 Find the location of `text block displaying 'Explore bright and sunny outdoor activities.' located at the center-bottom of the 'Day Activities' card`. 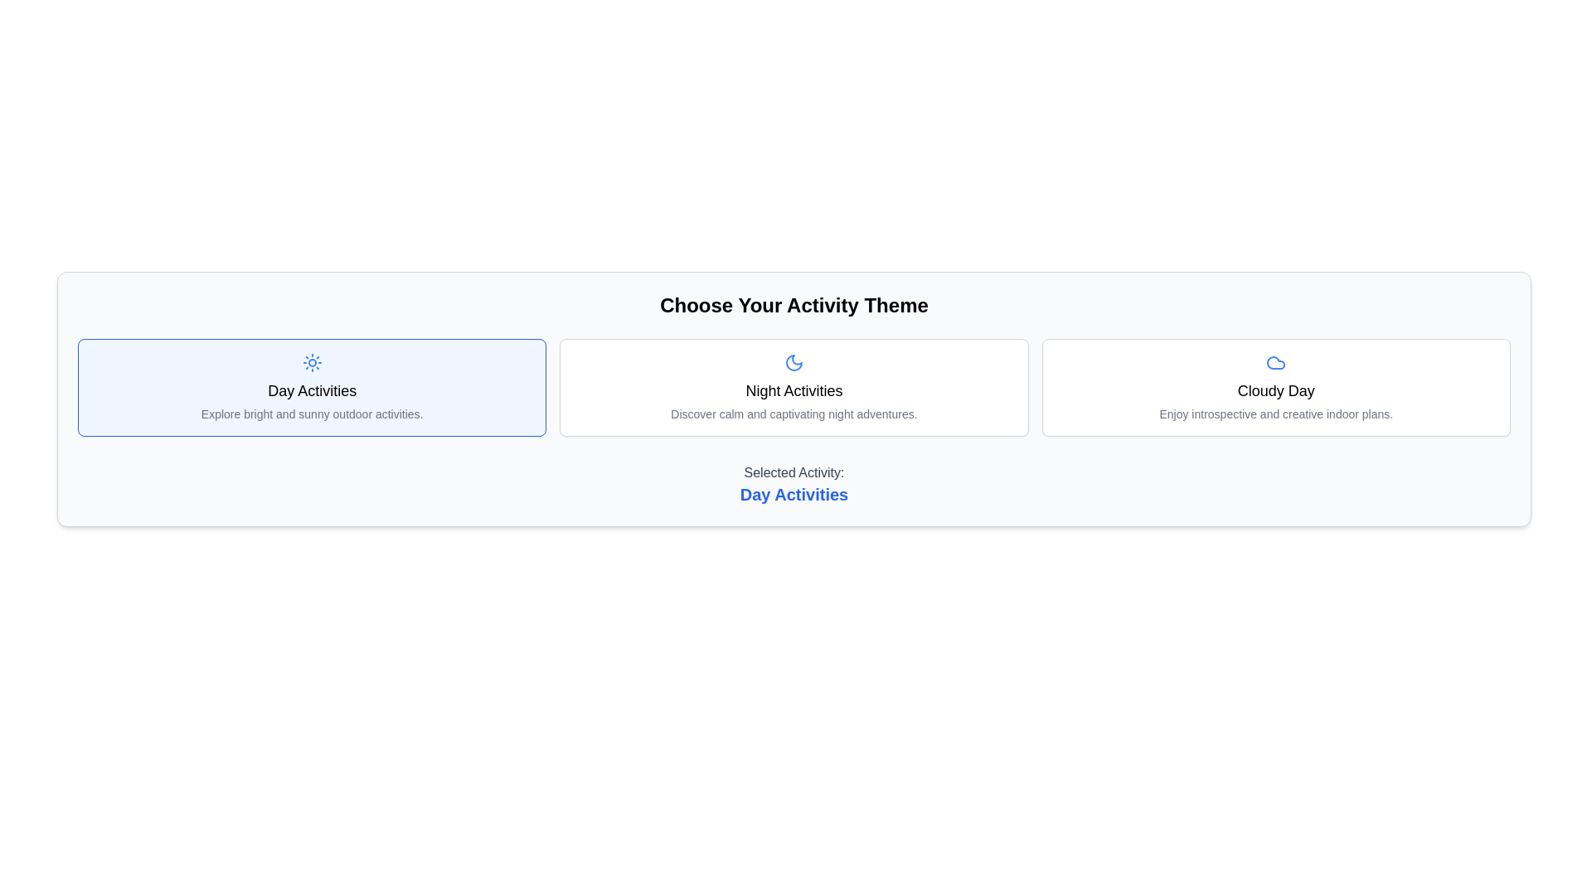

text block displaying 'Explore bright and sunny outdoor activities.' located at the center-bottom of the 'Day Activities' card is located at coordinates (312, 414).